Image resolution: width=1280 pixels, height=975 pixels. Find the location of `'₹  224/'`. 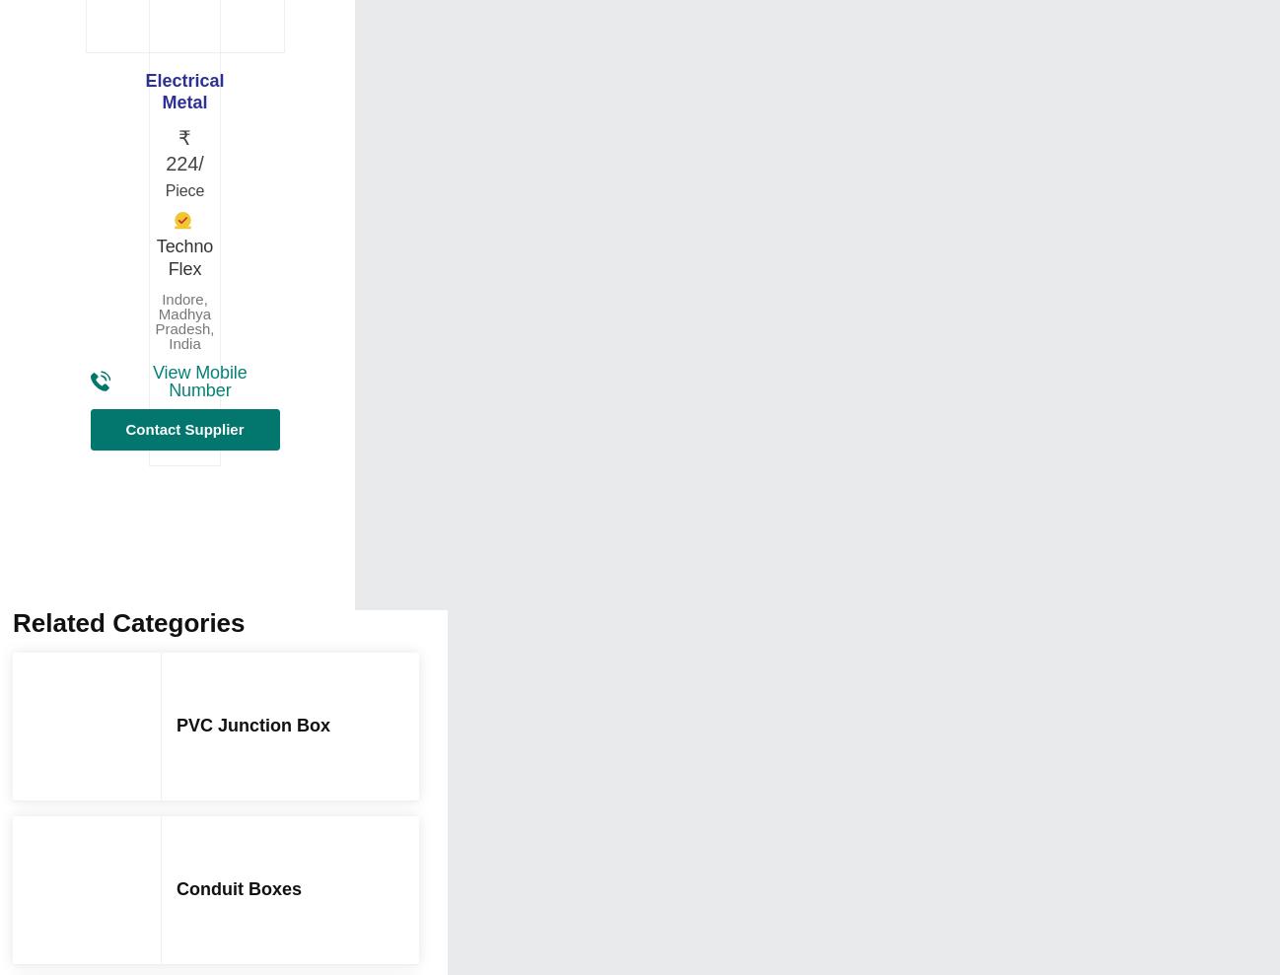

'₹  224/' is located at coordinates (183, 149).